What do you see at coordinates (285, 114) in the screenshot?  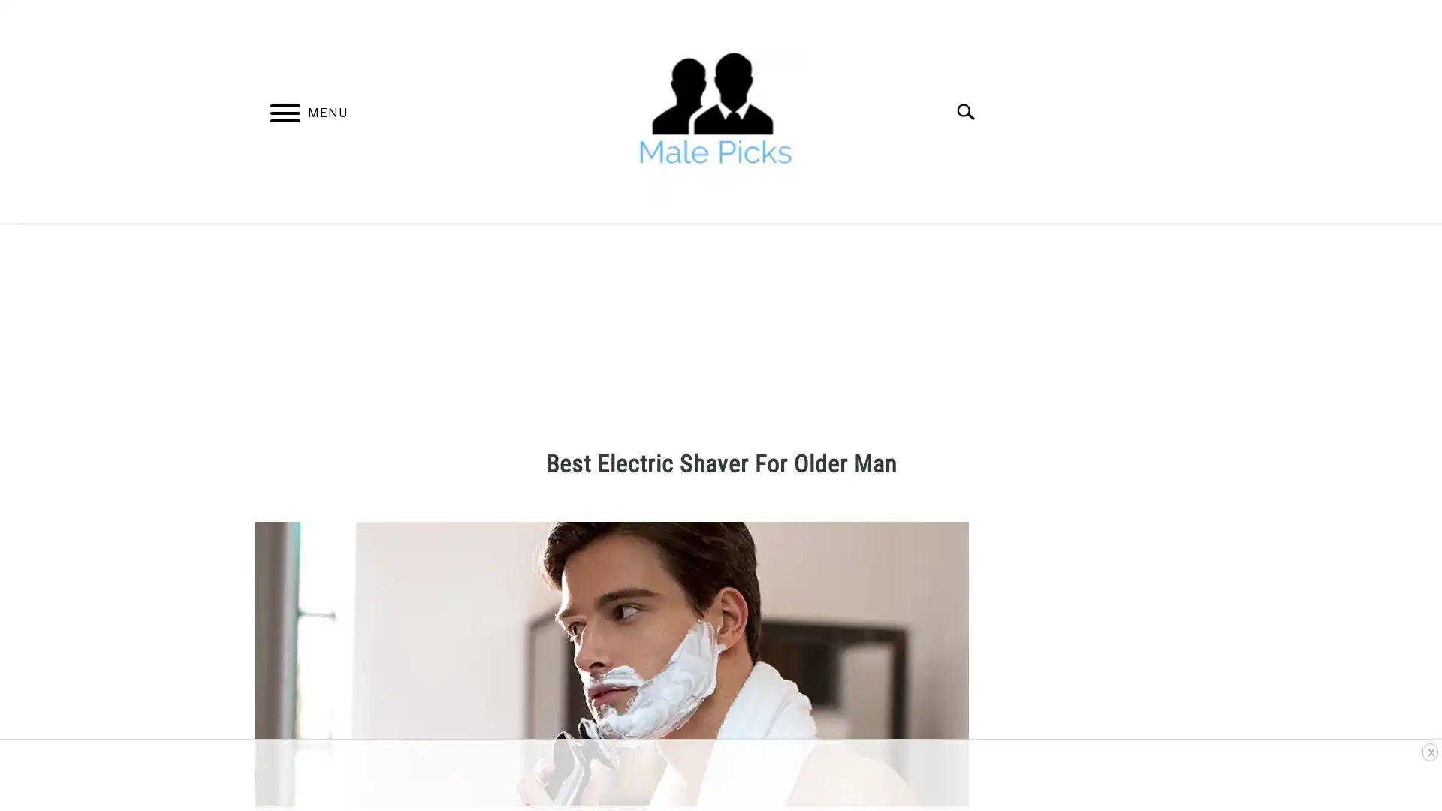 I see `Menu` at bounding box center [285, 114].